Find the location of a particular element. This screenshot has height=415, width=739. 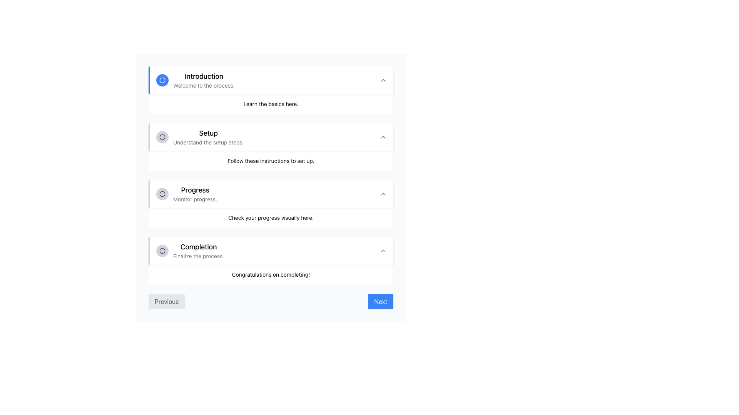

the circular icon with a hollow center, styled with a dark border, located to the left of the text label 'Setup' in the second position of the vertical list is located at coordinates (162, 137).